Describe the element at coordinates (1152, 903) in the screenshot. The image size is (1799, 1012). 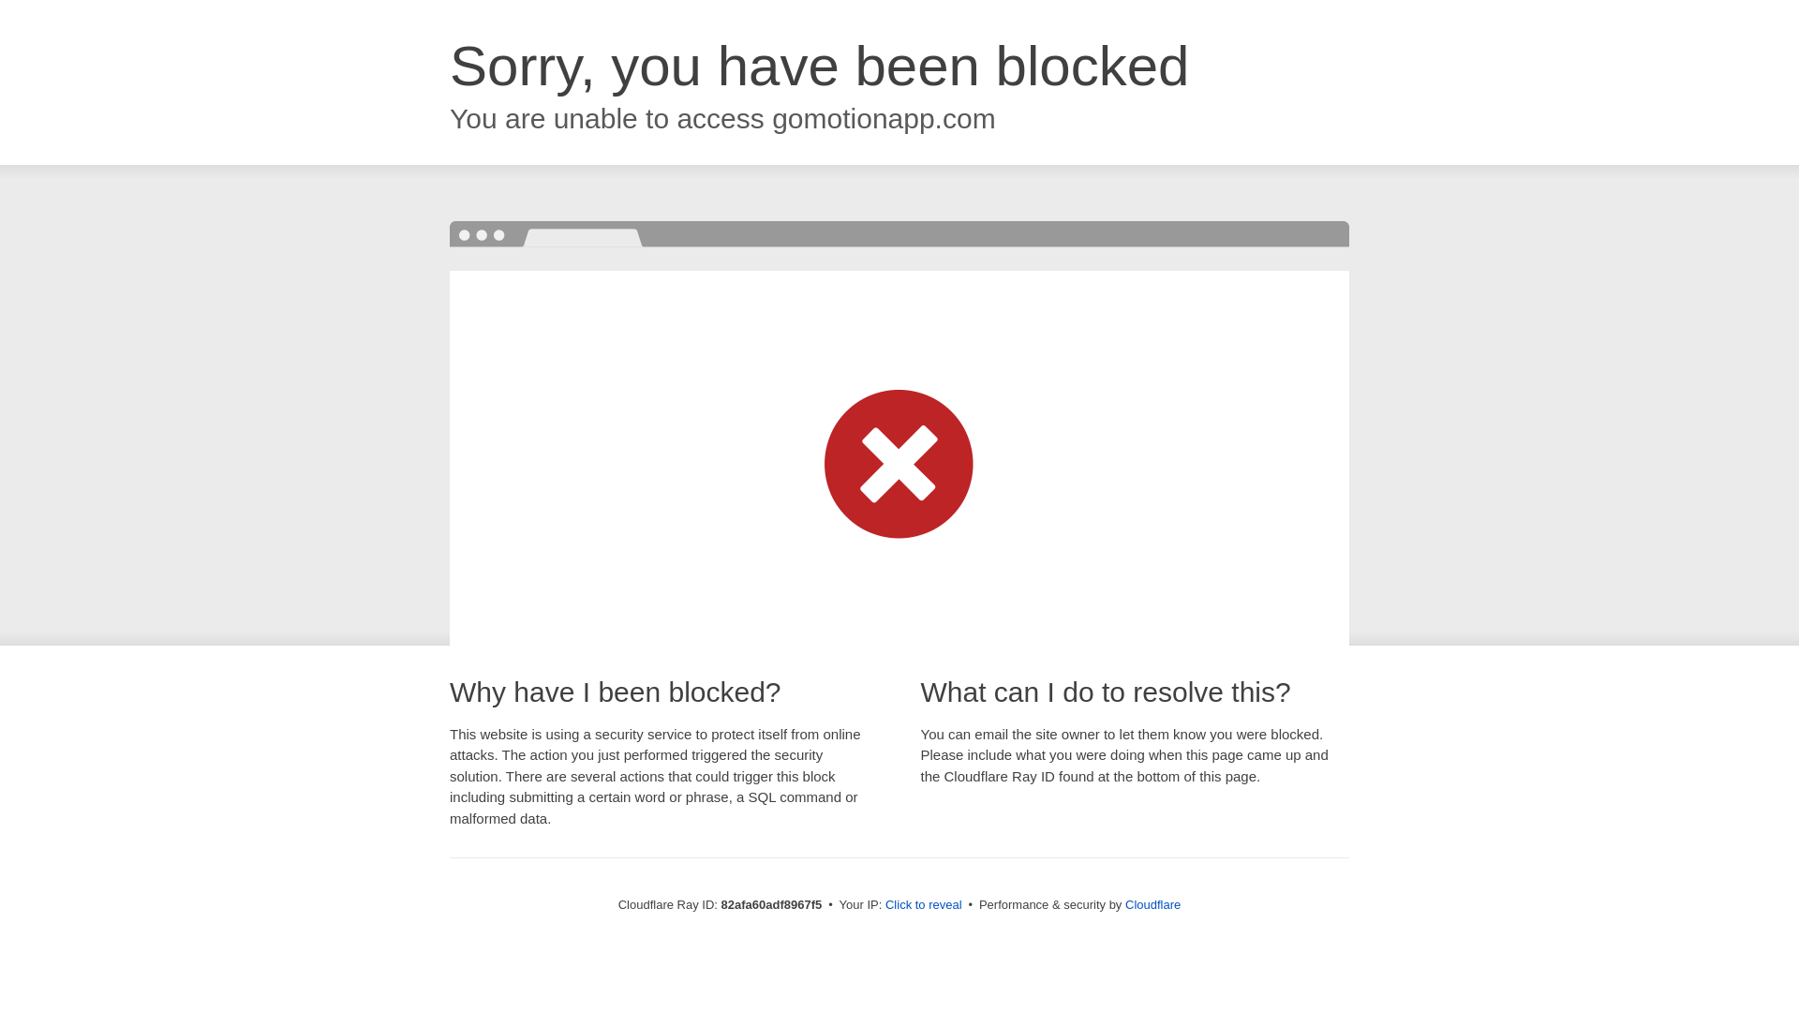
I see `'Cloudflare'` at that location.